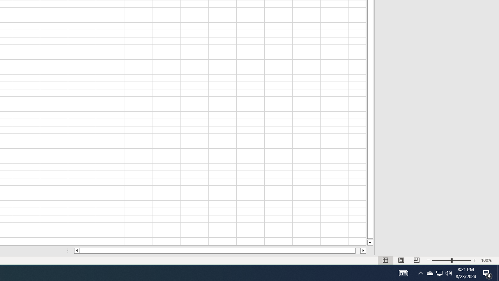 Image resolution: width=499 pixels, height=281 pixels. I want to click on 'Class: NetUIScrollBar', so click(219, 251).